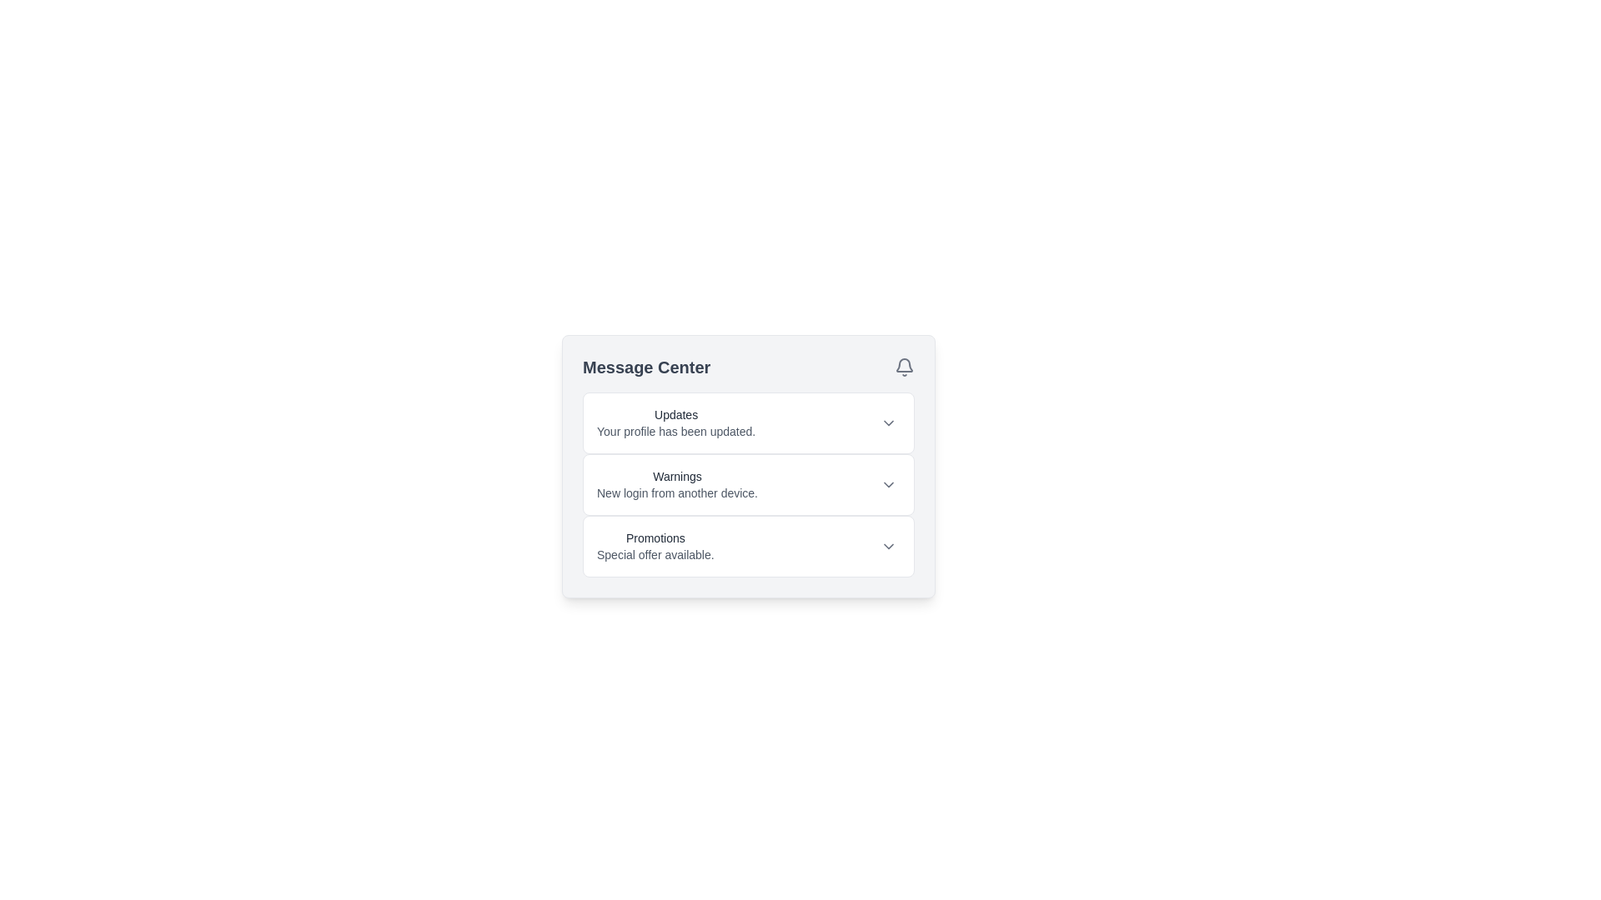  I want to click on notification message indicating that the user's profile has been updated, located in the 'Updates' section of the 'Message Center.', so click(676, 430).